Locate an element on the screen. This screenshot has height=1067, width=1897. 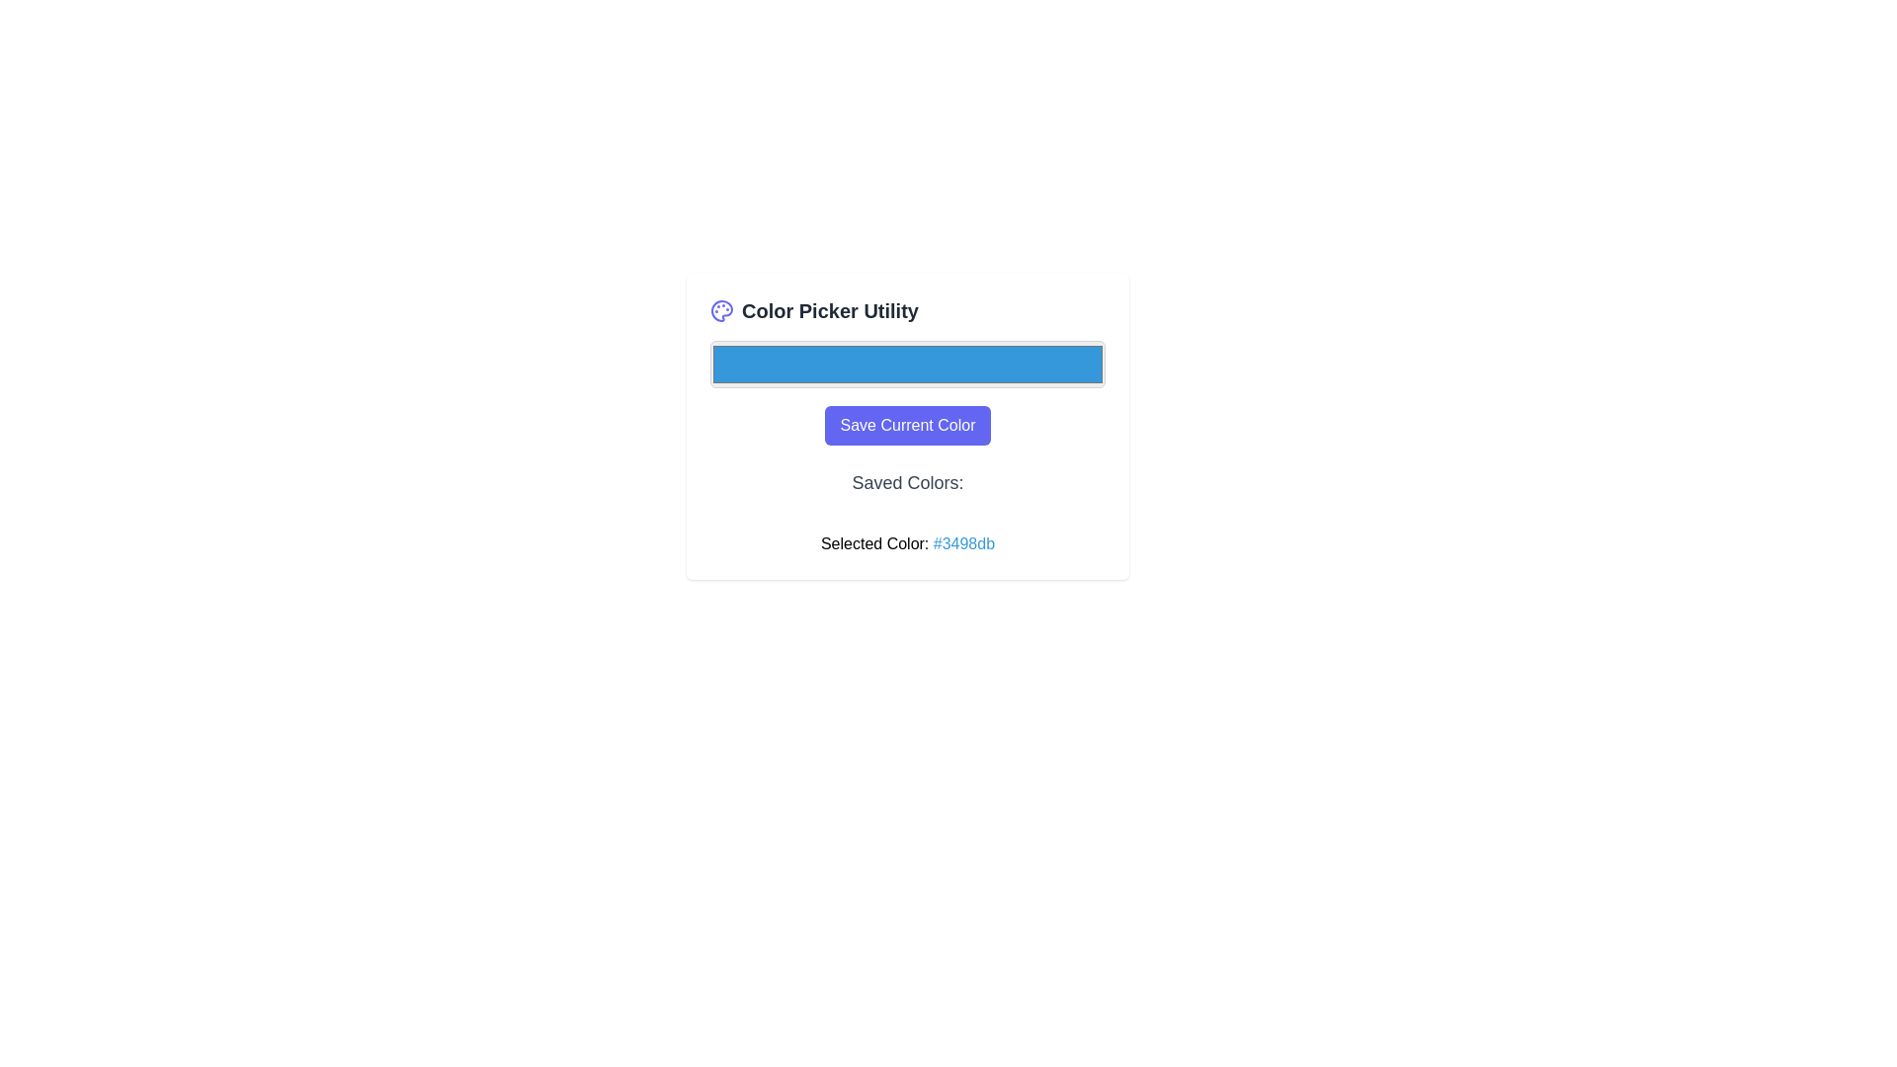
the Text label that displays the currently selected color in the Color Picker Utility card layout, located below the 'Saved Colors:' label is located at coordinates (906, 544).